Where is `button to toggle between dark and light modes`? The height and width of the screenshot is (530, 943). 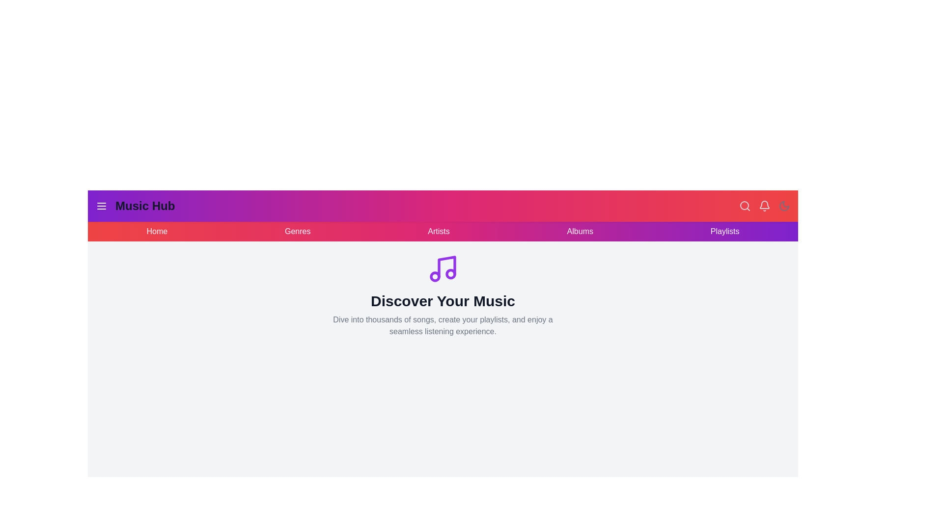
button to toggle between dark and light modes is located at coordinates (784, 206).